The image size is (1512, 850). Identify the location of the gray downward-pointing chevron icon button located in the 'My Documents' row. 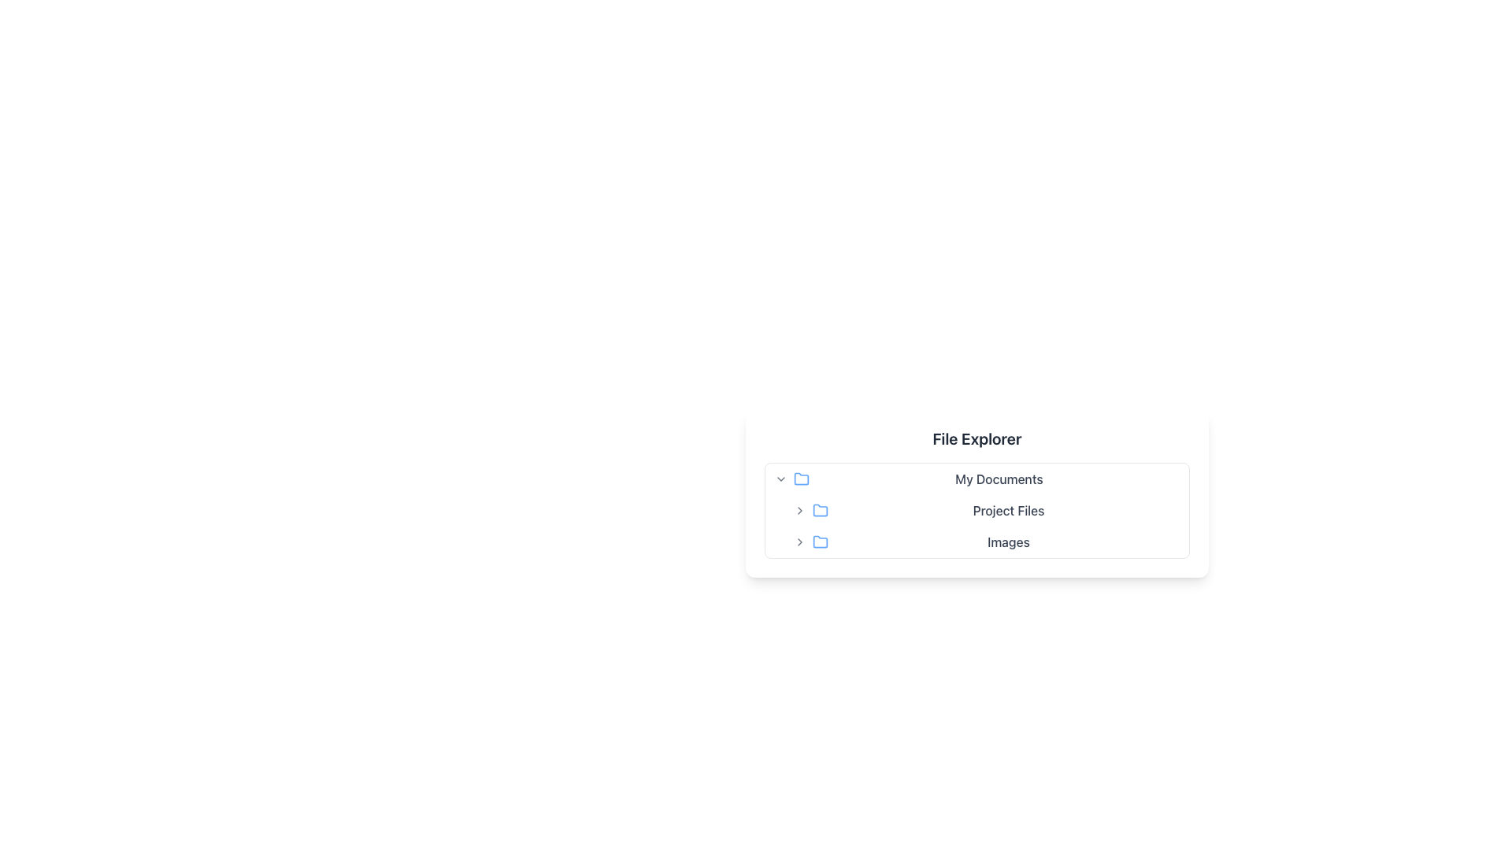
(781, 479).